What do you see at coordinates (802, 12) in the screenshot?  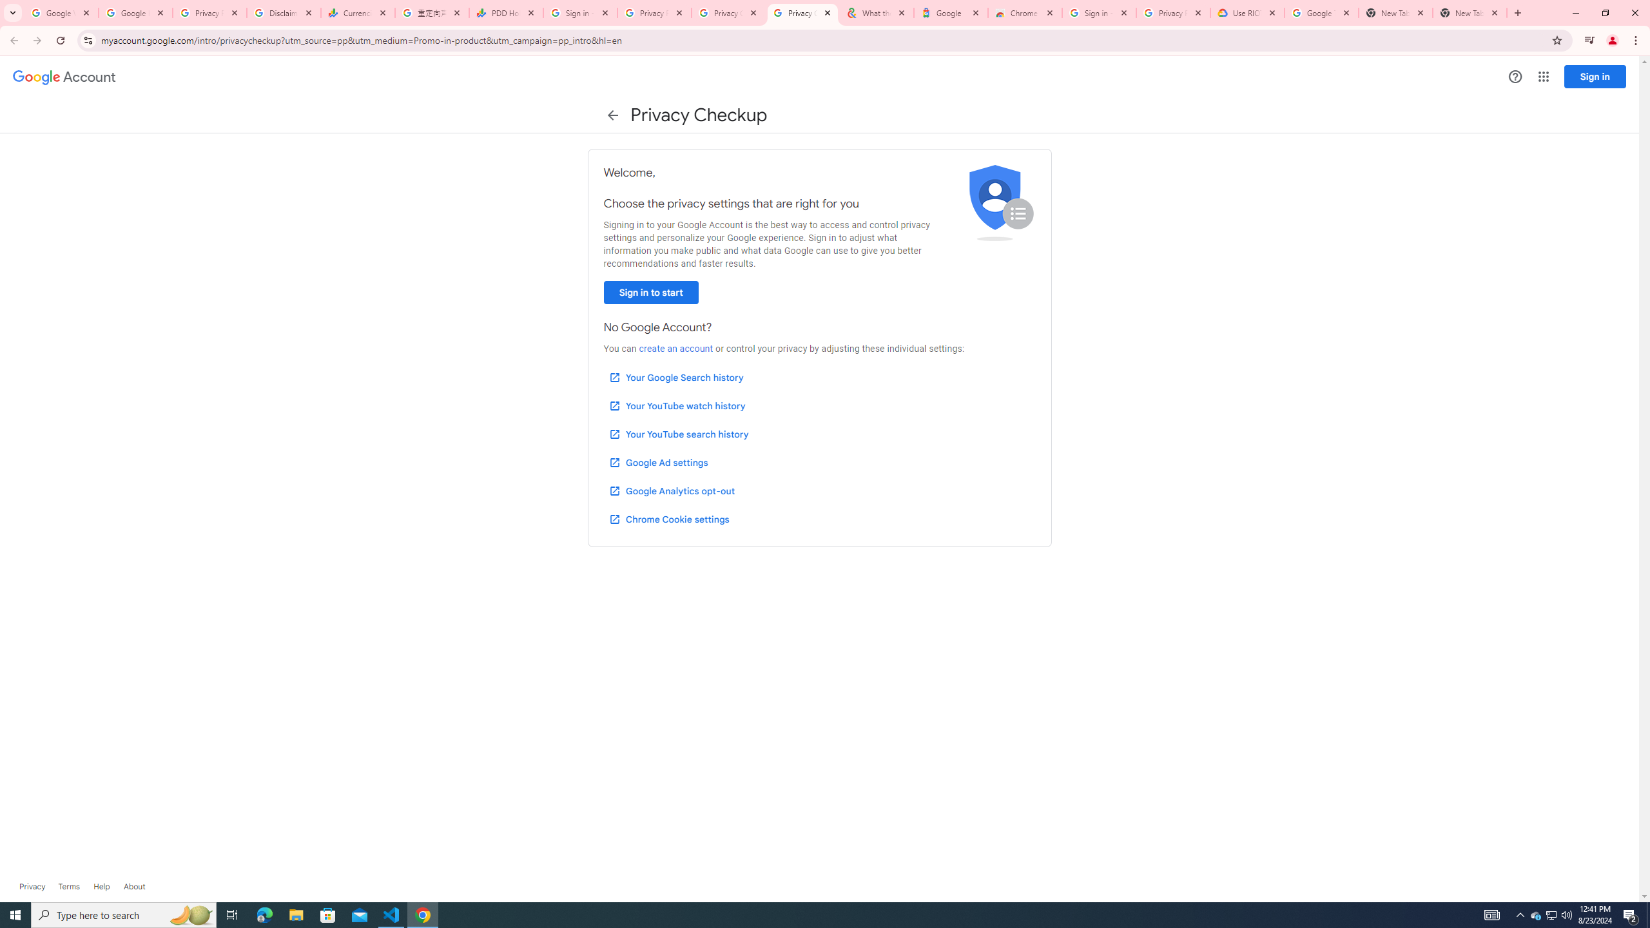 I see `'Privacy Checkup'` at bounding box center [802, 12].